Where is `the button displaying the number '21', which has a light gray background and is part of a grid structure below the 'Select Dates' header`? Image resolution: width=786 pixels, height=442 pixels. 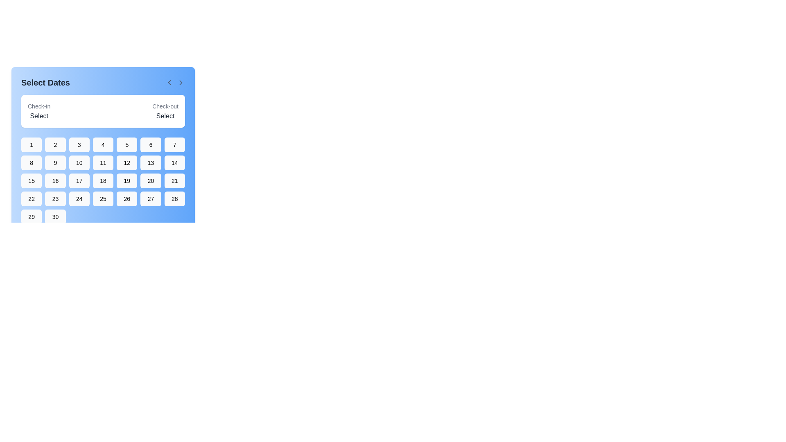
the button displaying the number '21', which has a light gray background and is part of a grid structure below the 'Select Dates' header is located at coordinates (174, 180).